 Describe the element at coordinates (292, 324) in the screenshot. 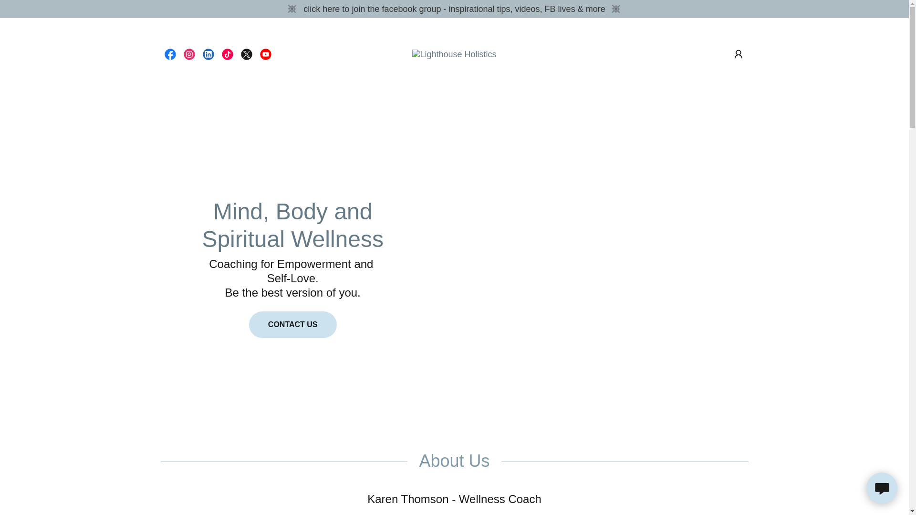

I see `'CONTACT US'` at that location.